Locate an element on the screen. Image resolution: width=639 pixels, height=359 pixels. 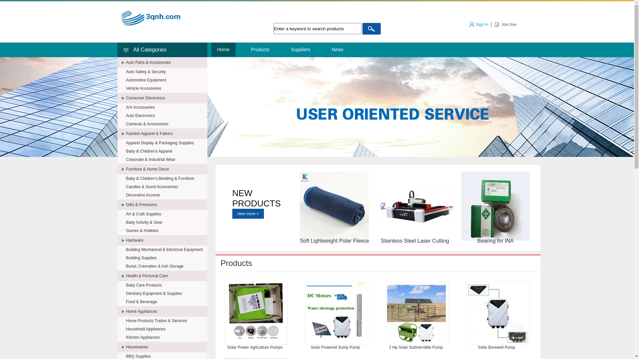
'Baby & Children's Apparel' is located at coordinates (166, 151).